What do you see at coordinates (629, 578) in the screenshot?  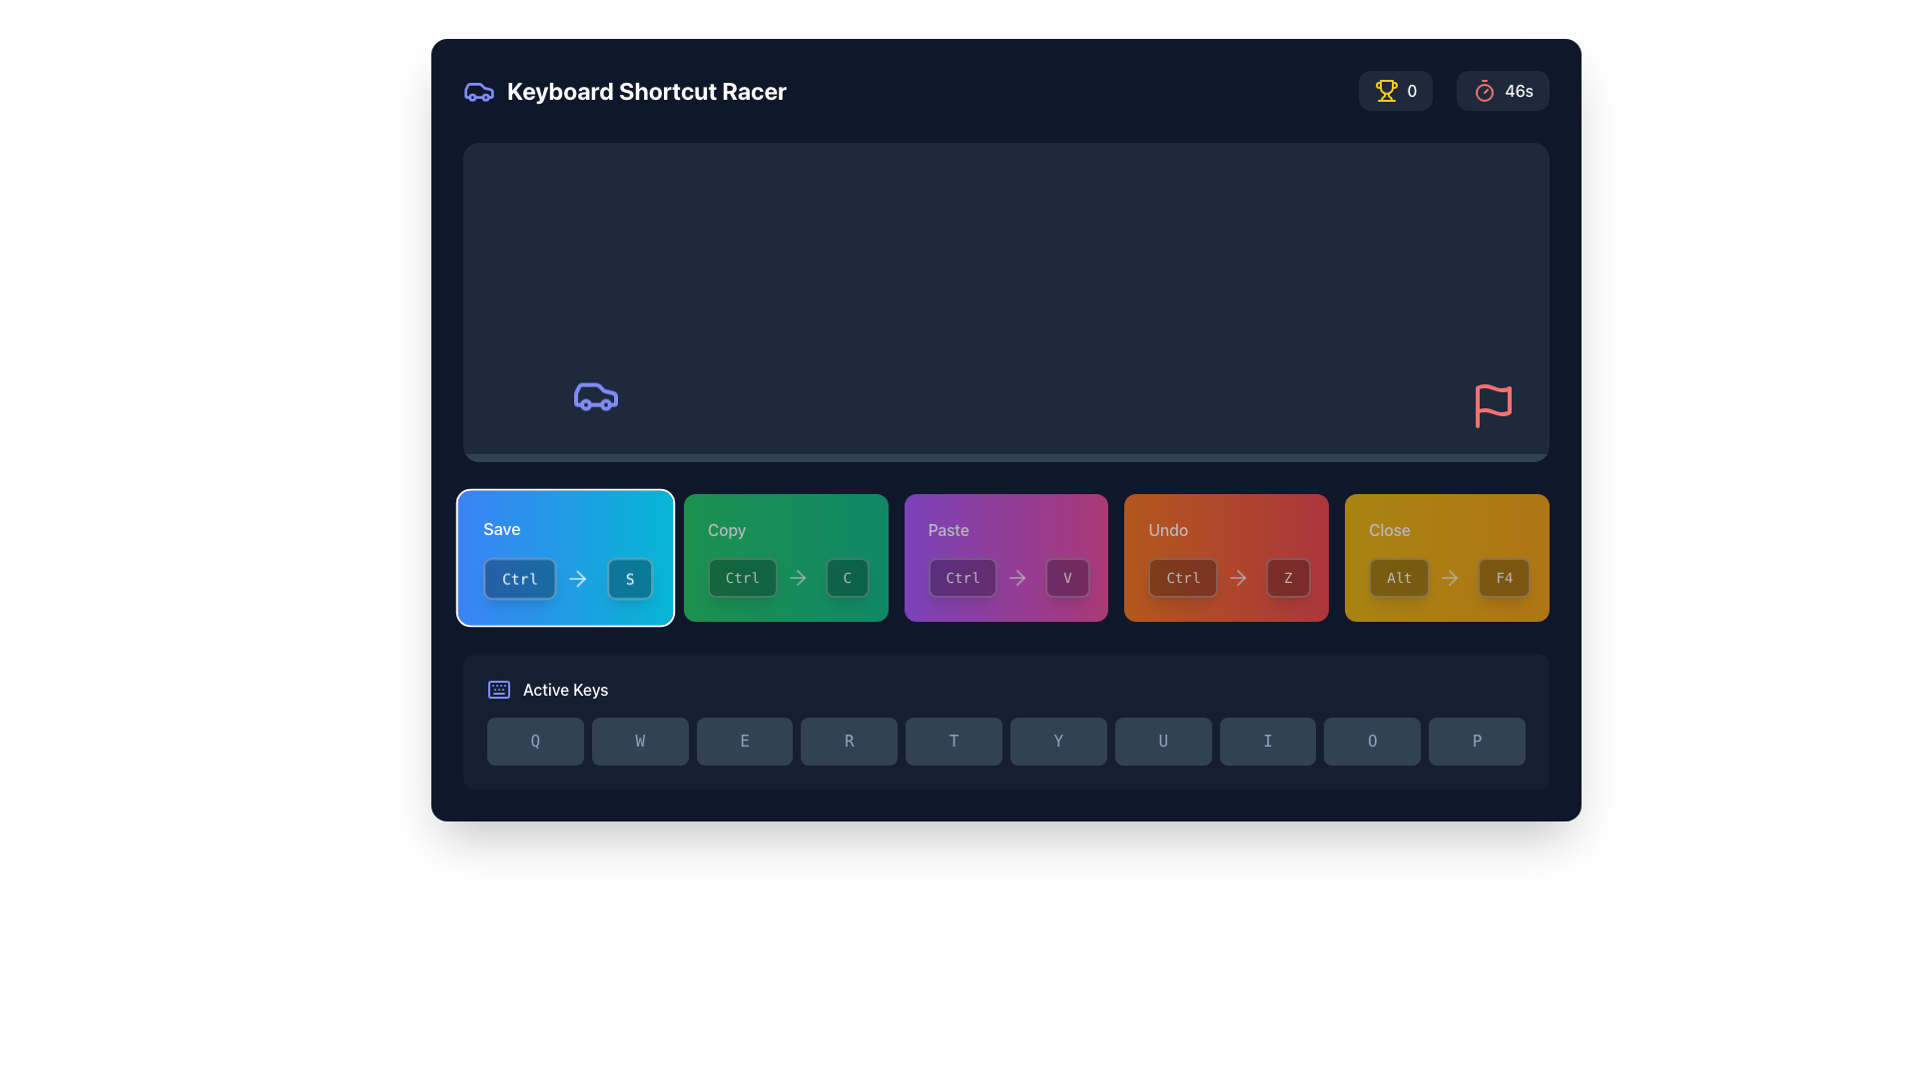 I see `the 'S' key representation in the keyboard shortcut 'Ctrl + S' for saving files` at bounding box center [629, 578].